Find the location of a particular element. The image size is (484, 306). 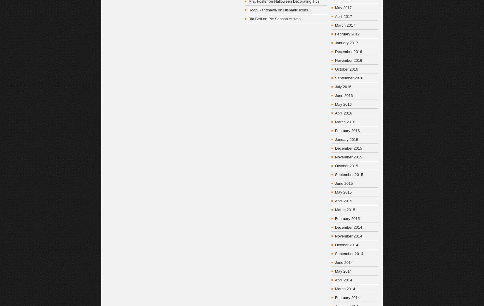

'May 2014' is located at coordinates (343, 271).